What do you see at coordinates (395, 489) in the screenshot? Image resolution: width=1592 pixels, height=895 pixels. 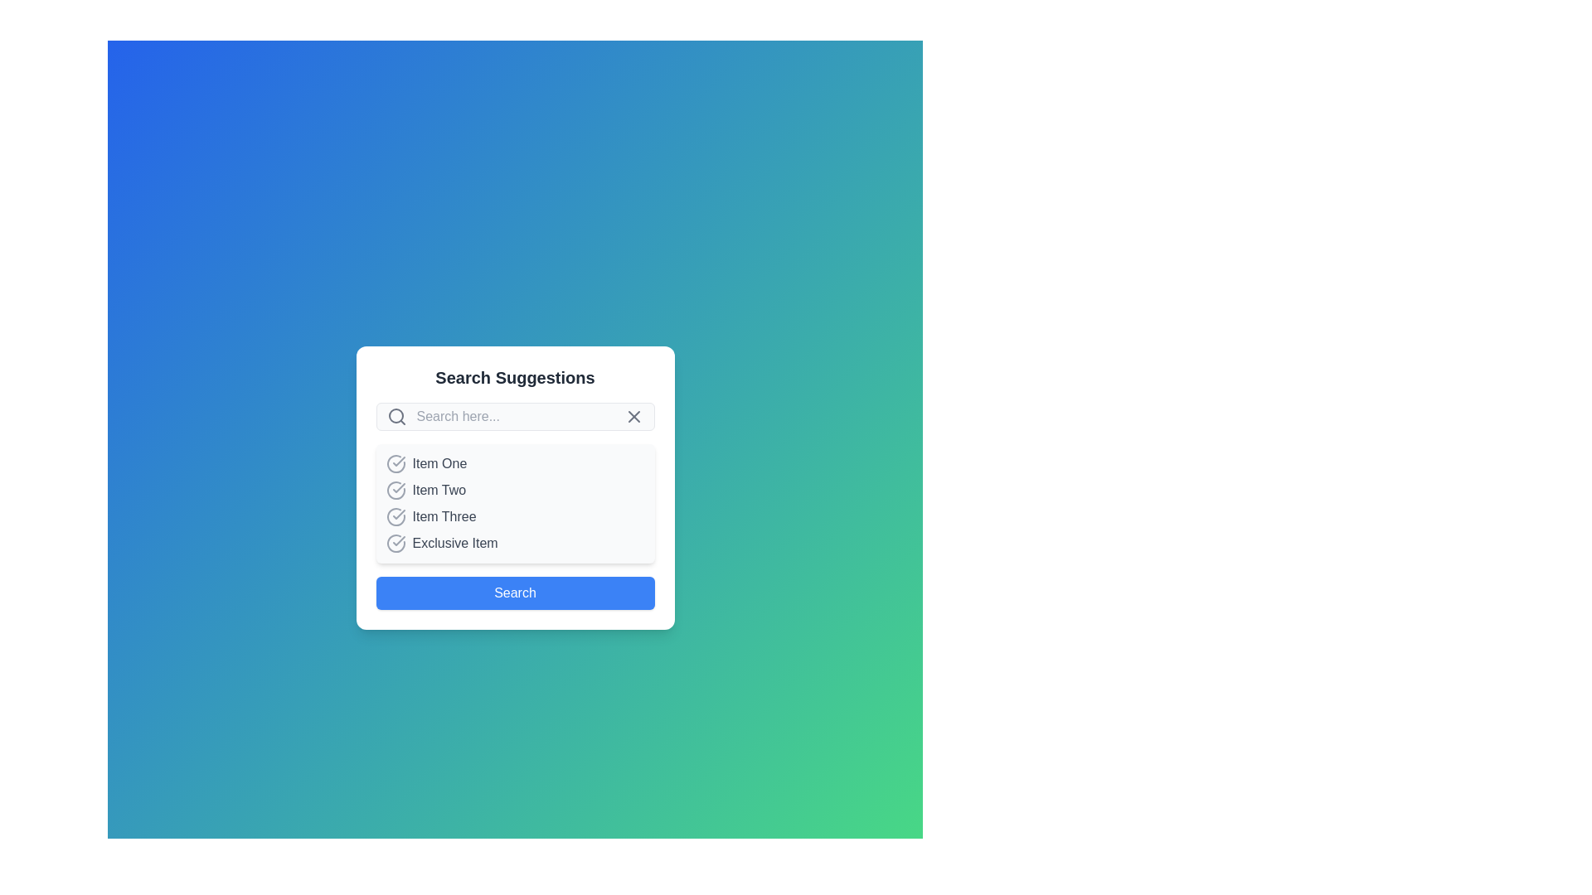 I see `the circular checkbox icon with a check mark inside, located to the left of the text 'Item Two'` at bounding box center [395, 489].